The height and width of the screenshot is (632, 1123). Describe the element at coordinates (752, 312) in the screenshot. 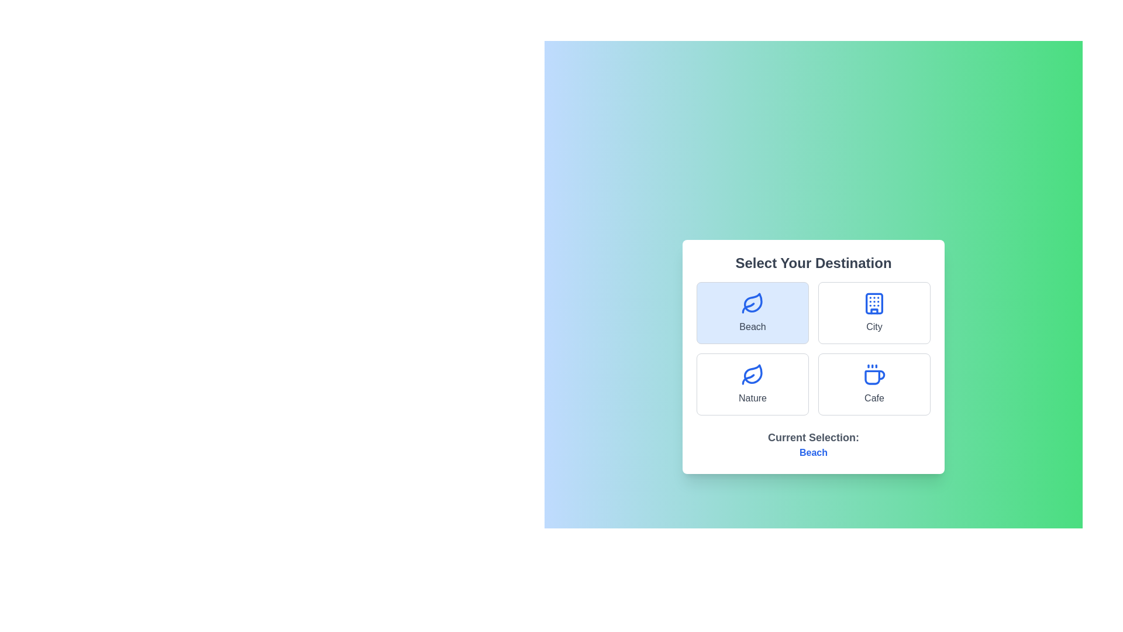

I see `the Beach option to observe the visual feedback` at that location.